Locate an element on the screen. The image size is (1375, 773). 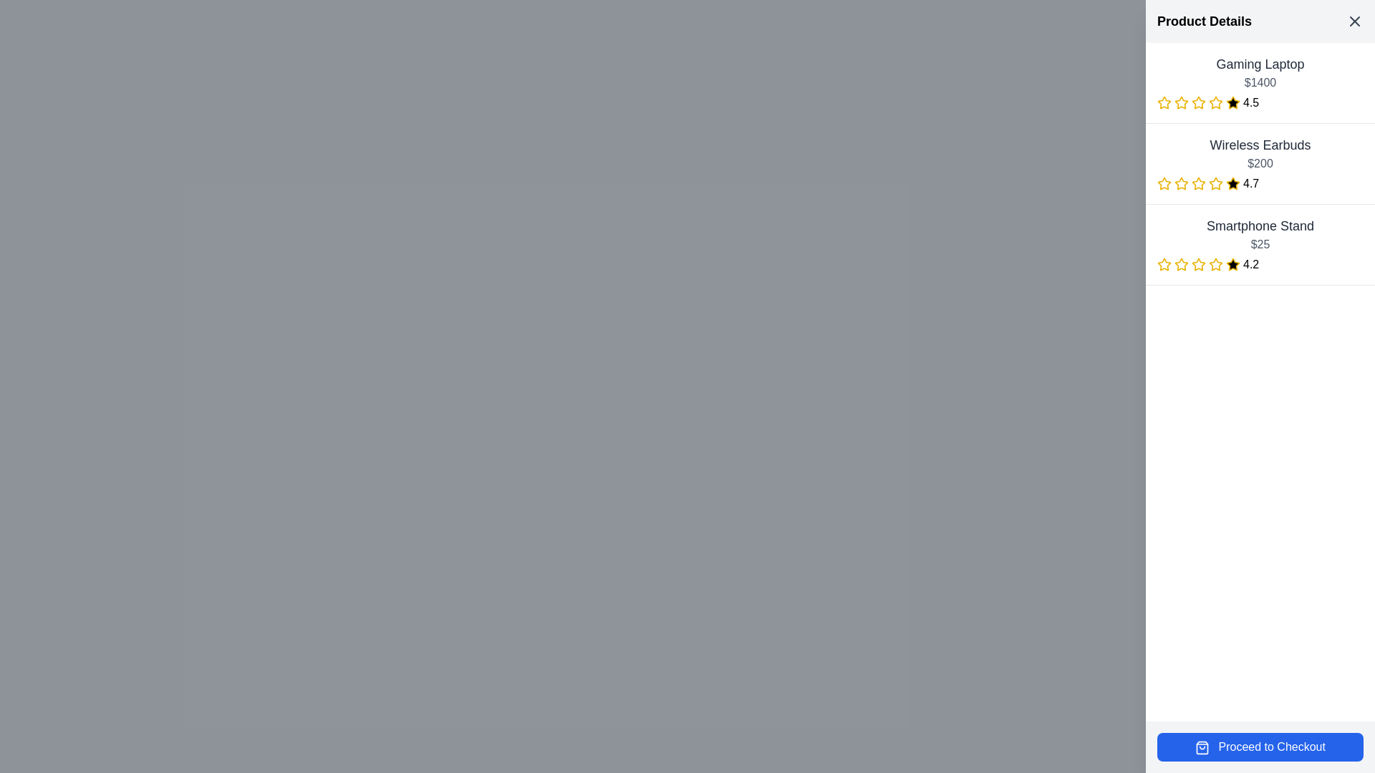
the third star icon in the rating system for the 'Wireless Earbuds' product is located at coordinates (1199, 183).